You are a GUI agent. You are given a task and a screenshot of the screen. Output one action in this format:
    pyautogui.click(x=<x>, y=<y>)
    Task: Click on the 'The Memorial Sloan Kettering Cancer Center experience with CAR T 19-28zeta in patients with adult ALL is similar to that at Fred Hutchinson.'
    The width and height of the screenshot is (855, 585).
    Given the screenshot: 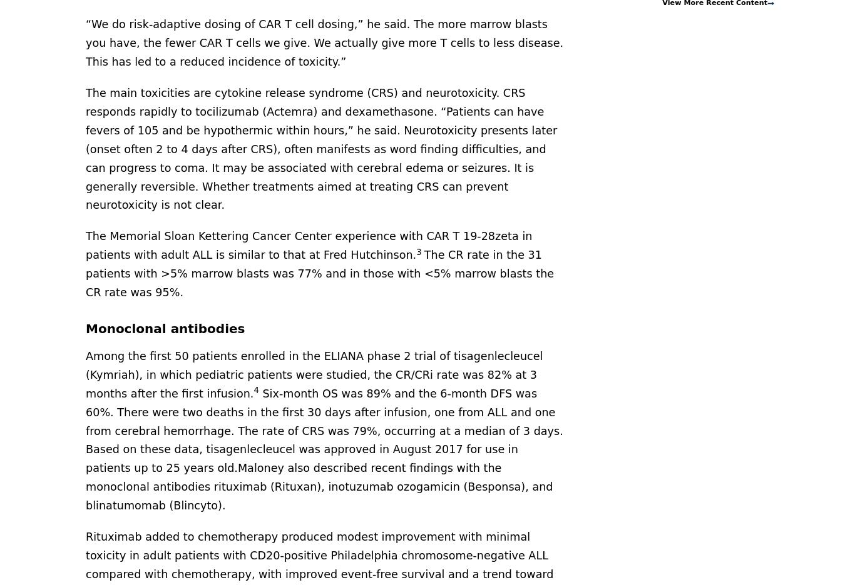 What is the action you would take?
    pyautogui.click(x=309, y=245)
    